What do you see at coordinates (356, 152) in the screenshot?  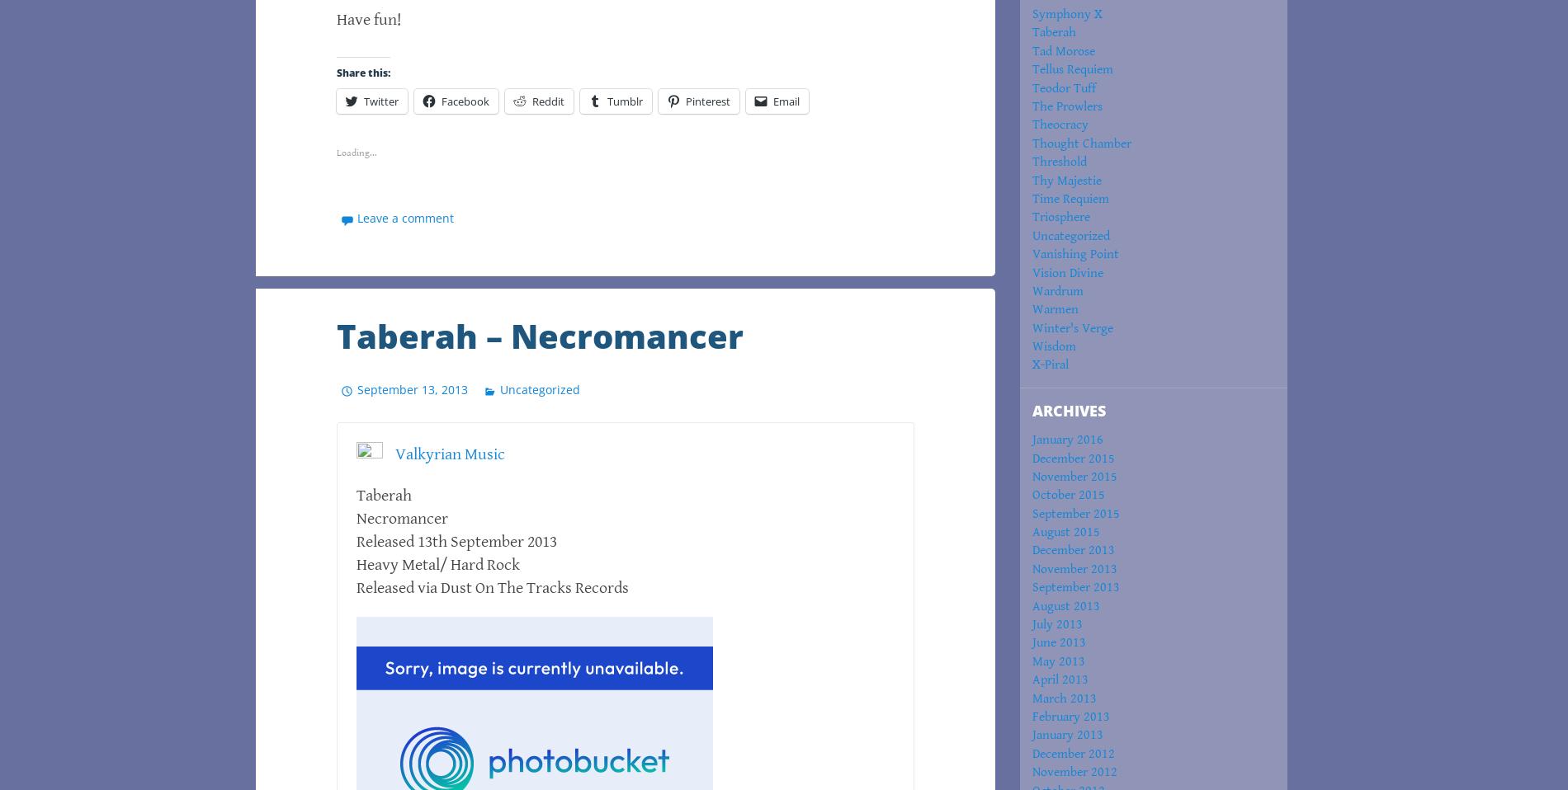 I see `'Loading...'` at bounding box center [356, 152].